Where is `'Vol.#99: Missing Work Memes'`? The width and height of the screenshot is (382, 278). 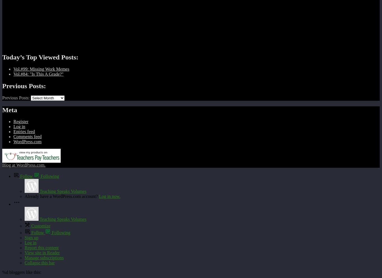
'Vol.#99: Missing Work Memes' is located at coordinates (41, 68).